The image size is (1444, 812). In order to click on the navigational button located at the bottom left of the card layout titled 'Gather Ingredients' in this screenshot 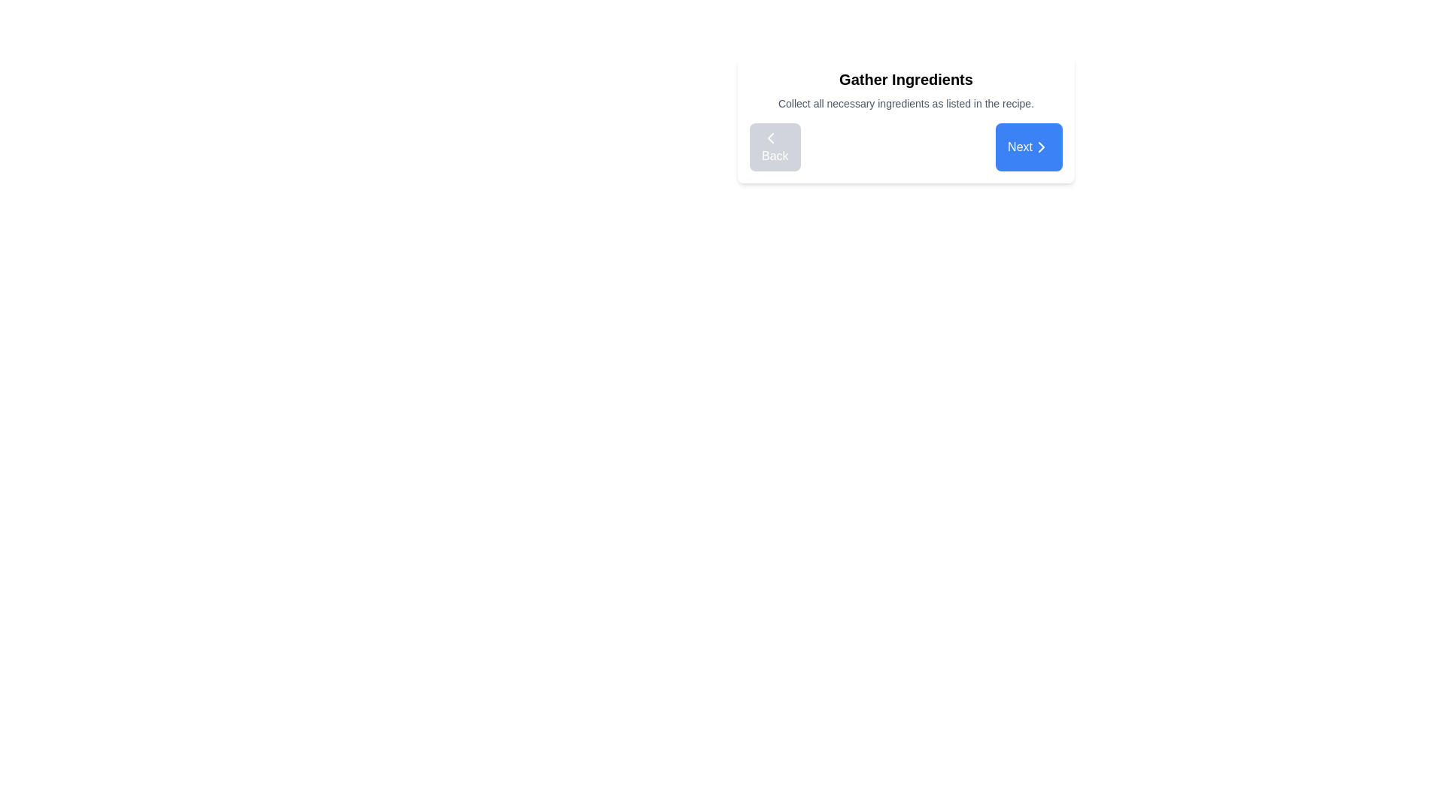, I will do `click(775, 147)`.